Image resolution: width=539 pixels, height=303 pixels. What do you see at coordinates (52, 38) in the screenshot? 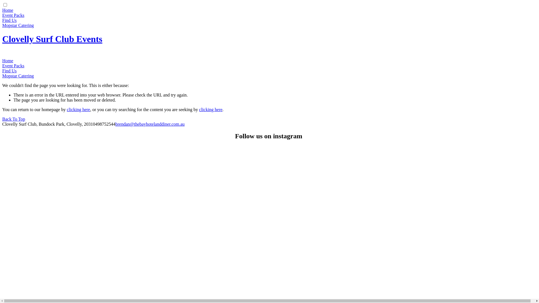
I see `'Clovelly Surf Club Events'` at bounding box center [52, 38].